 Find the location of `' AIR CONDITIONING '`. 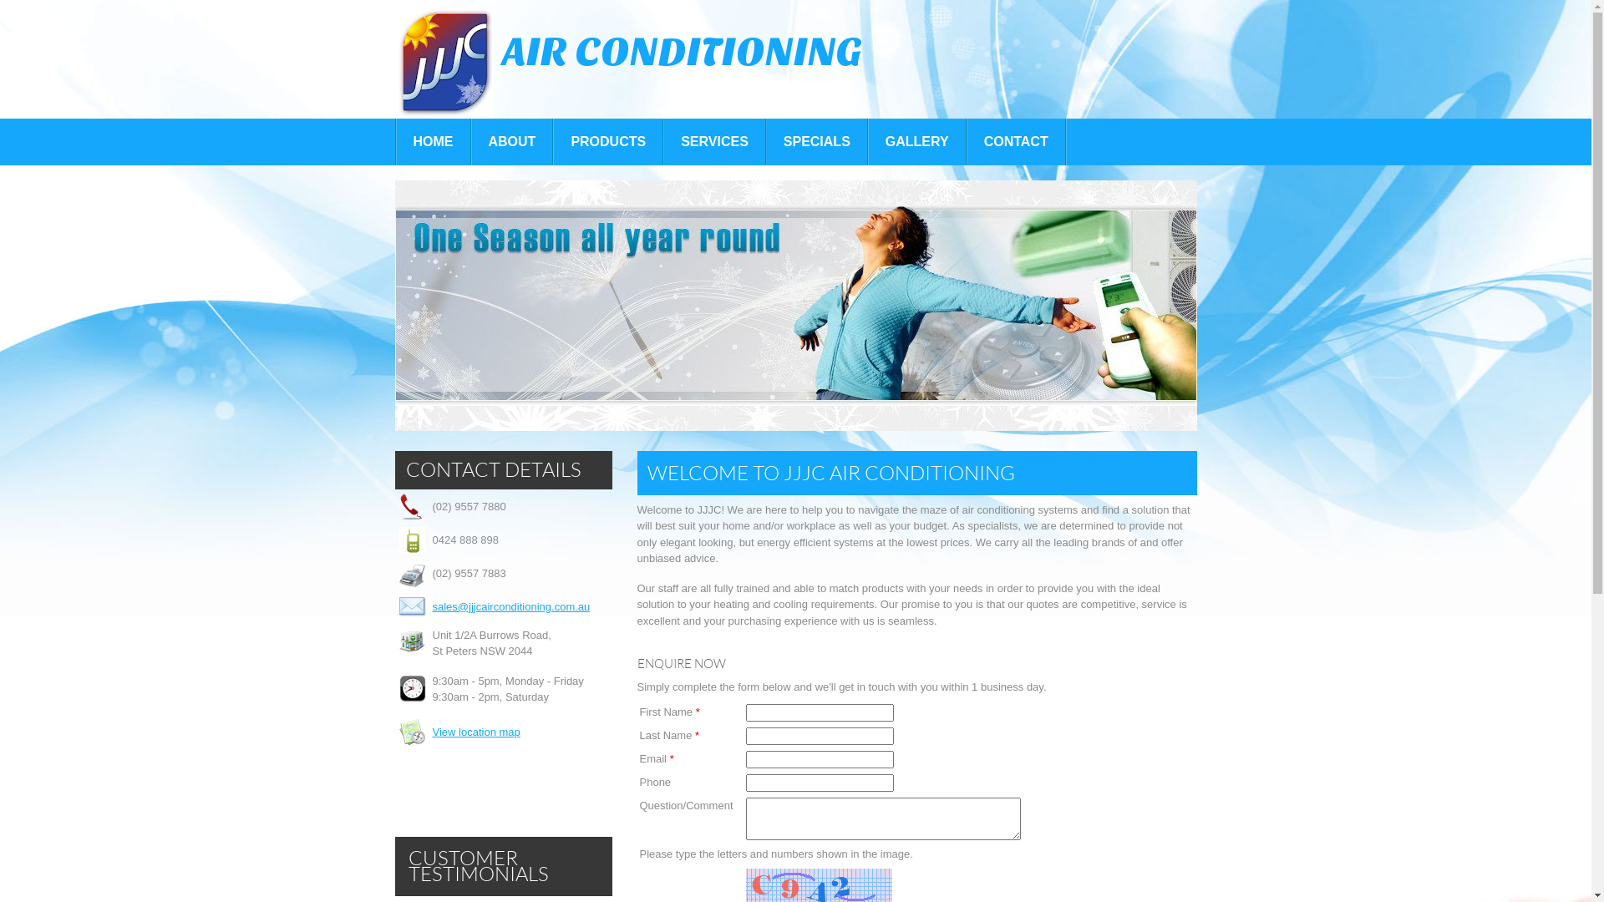

' AIR CONDITIONING ' is located at coordinates (631, 61).